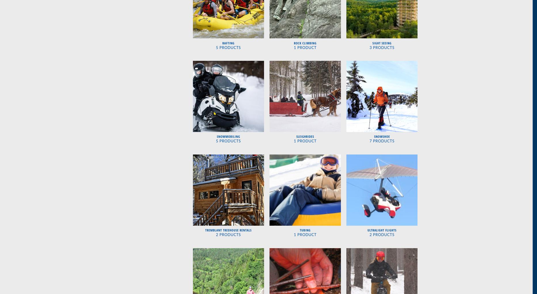 The height and width of the screenshot is (294, 537). I want to click on '7 Products', so click(382, 141).